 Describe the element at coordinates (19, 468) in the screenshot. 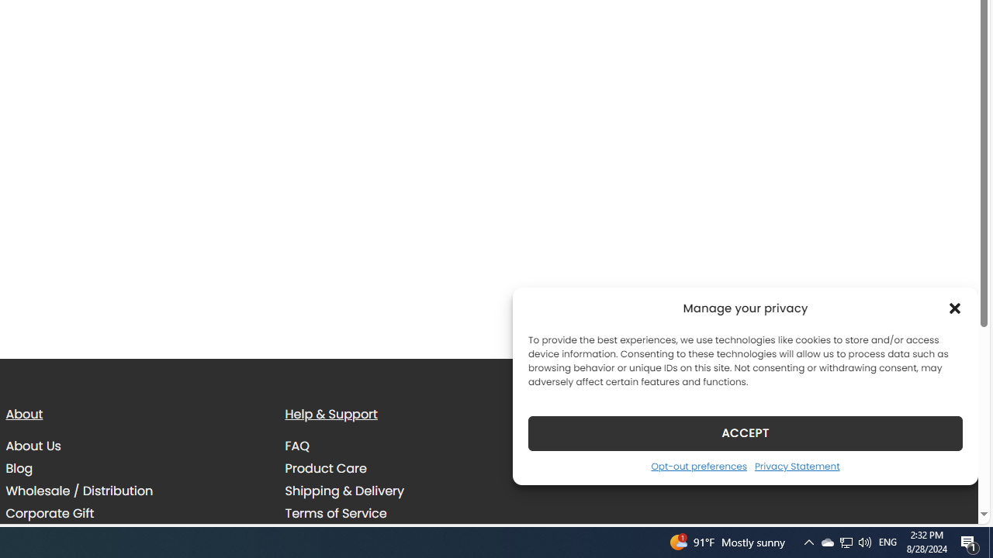

I see `'Blog'` at that location.